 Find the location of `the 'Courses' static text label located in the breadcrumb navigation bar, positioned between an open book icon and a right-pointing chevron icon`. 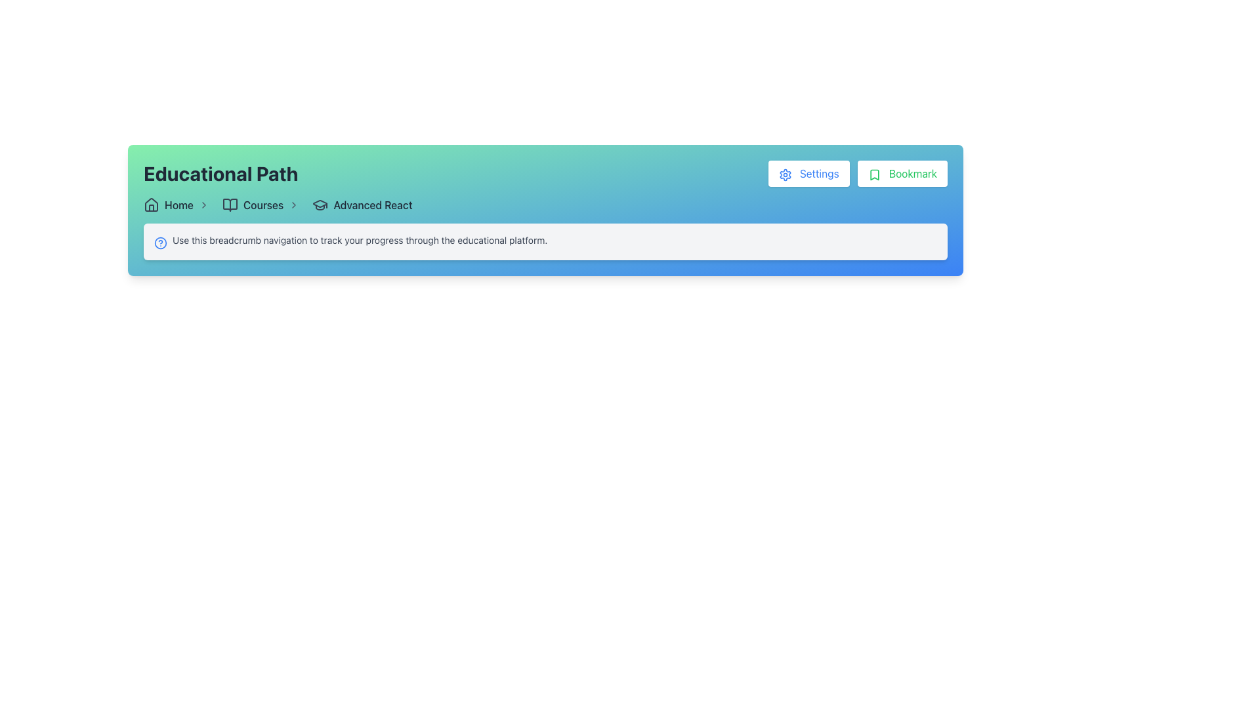

the 'Courses' static text label located in the breadcrumb navigation bar, positioned between an open book icon and a right-pointing chevron icon is located at coordinates (262, 205).